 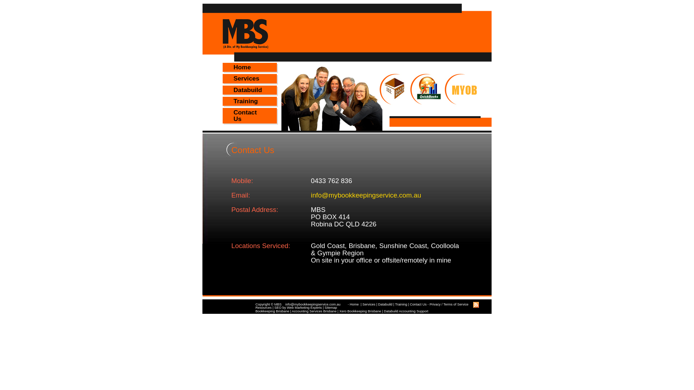 I want to click on 'Bookkeeping Brisbane', so click(x=272, y=311).